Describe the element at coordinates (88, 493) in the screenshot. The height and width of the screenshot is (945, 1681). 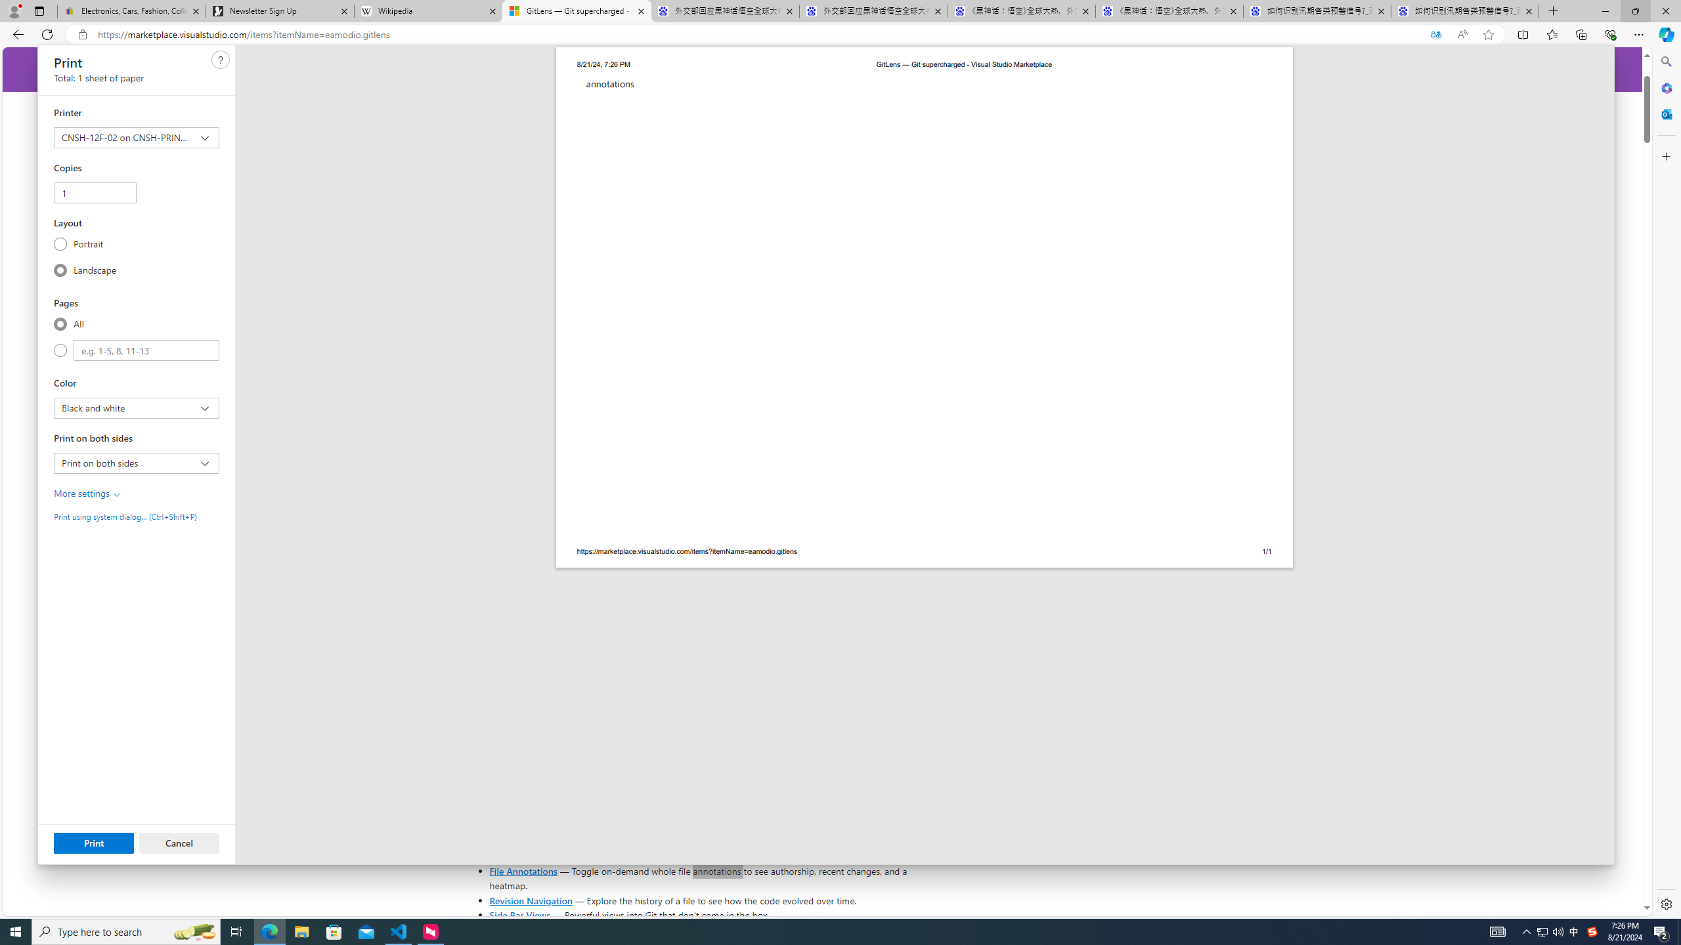
I see `'More settings'` at that location.